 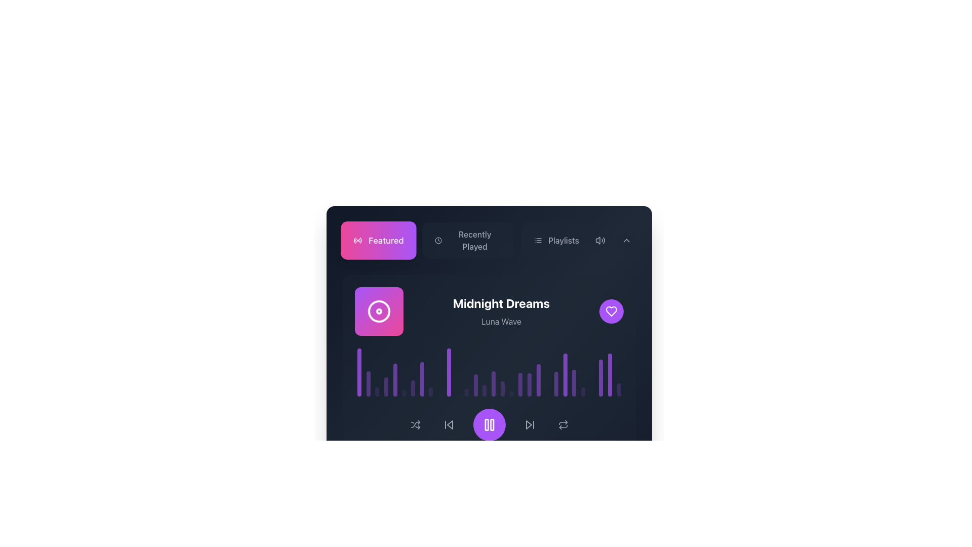 What do you see at coordinates (511, 393) in the screenshot?
I see `the 18th vertical bar in the bar graph, which is a semi-transparent purple line with rounded ends` at bounding box center [511, 393].